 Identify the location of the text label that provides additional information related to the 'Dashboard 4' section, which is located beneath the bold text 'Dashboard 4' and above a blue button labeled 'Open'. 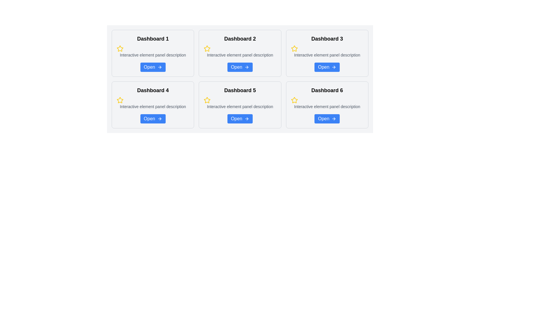
(153, 106).